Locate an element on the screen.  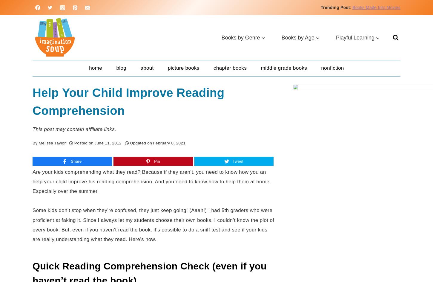
'About' is located at coordinates (147, 68).